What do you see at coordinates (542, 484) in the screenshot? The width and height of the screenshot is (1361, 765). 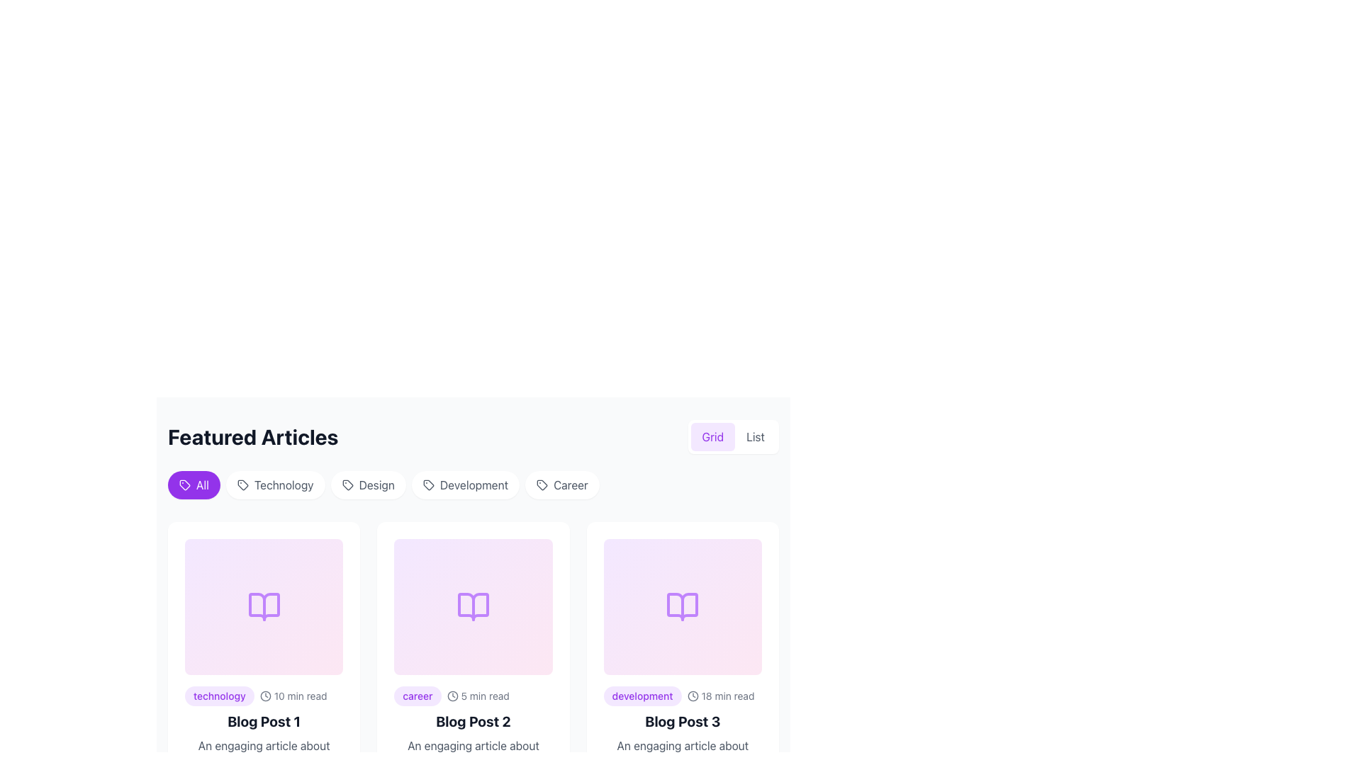 I see `the 'Career' category icon located in the 'Featured Articles' section, positioned to the left of the 'Career' text label` at bounding box center [542, 484].